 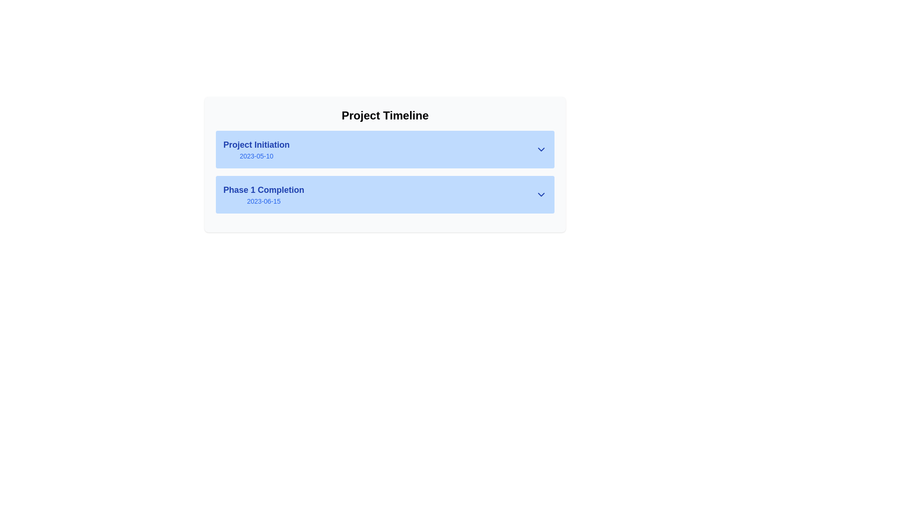 What do you see at coordinates (385, 149) in the screenshot?
I see `the first entry in the project timeline labeled 'Project Initiation'` at bounding box center [385, 149].